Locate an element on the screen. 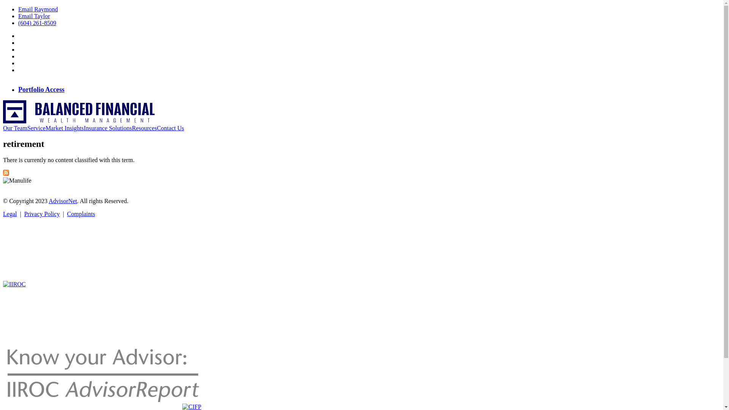  'Our Team' is located at coordinates (3, 128).